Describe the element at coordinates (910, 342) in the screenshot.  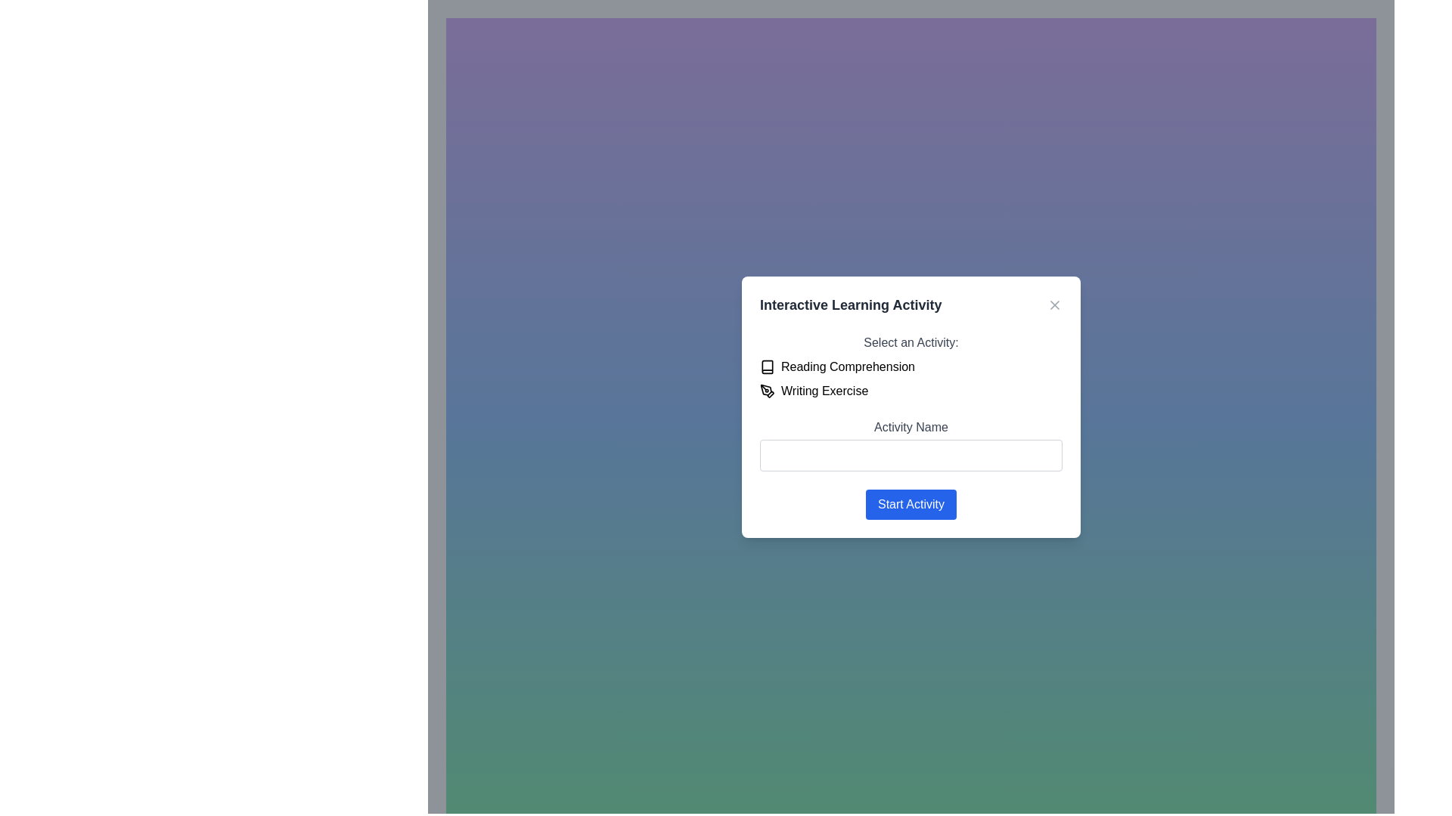
I see `the label that says 'Select an Activity:' styled in gray color within the centered modal dialog` at that location.